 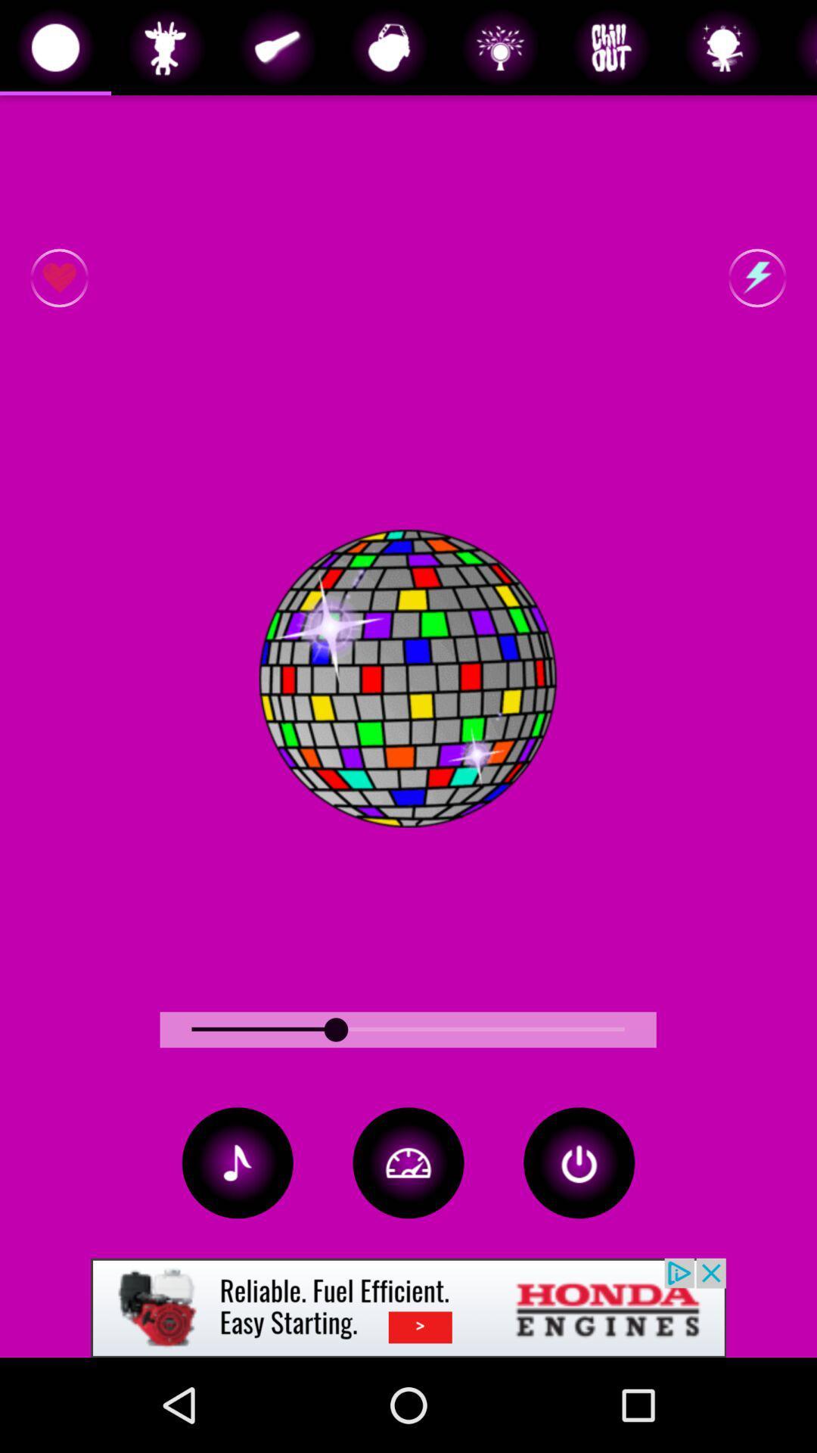 What do you see at coordinates (579, 1162) in the screenshot?
I see `the power icon` at bounding box center [579, 1162].